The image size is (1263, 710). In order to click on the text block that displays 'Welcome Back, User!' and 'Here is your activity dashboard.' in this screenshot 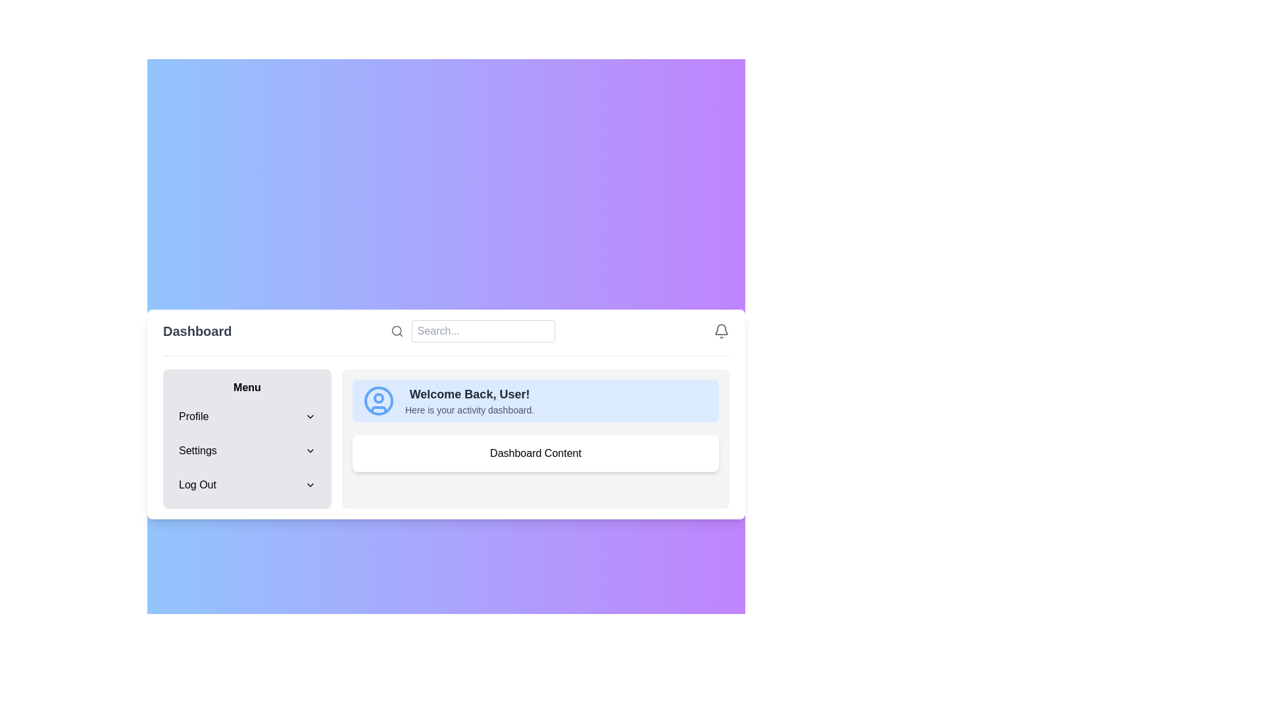, I will do `click(470, 400)`.